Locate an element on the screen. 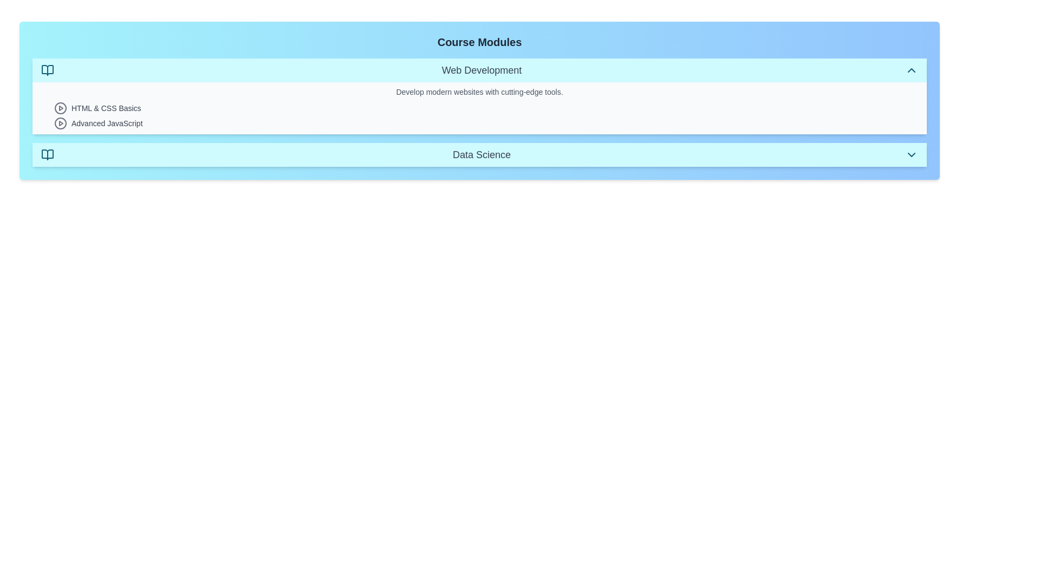  the text label displaying 'Develop modern websites with cutting-edge tools.' which is located centrally above the topics 'HTML & CSS Basics' and 'Advanced JavaScript' is located at coordinates (479, 91).